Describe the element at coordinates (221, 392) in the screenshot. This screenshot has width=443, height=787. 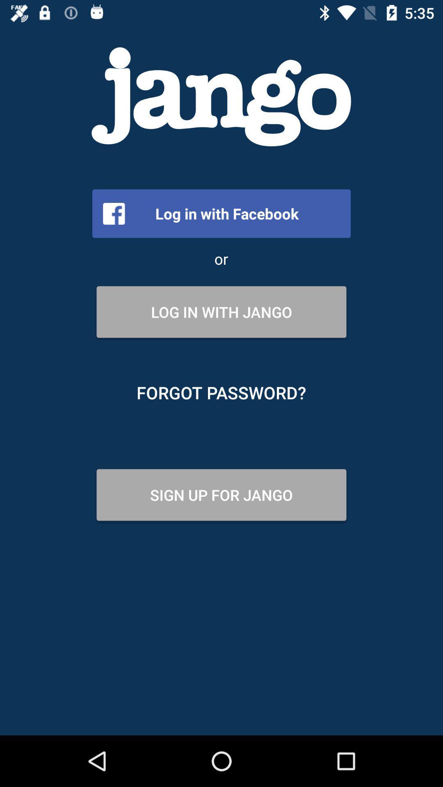
I see `the item above sign up for item` at that location.